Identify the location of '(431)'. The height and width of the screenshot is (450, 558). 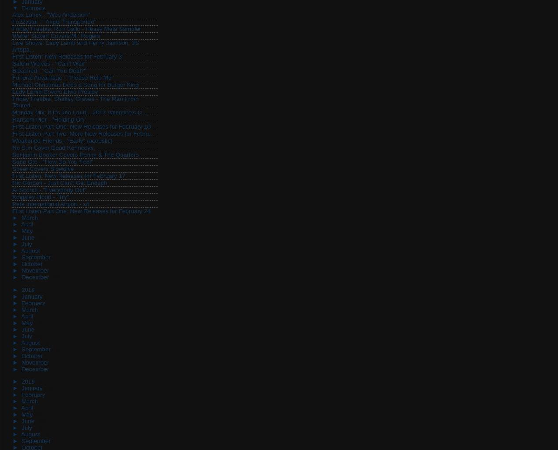
(36, 289).